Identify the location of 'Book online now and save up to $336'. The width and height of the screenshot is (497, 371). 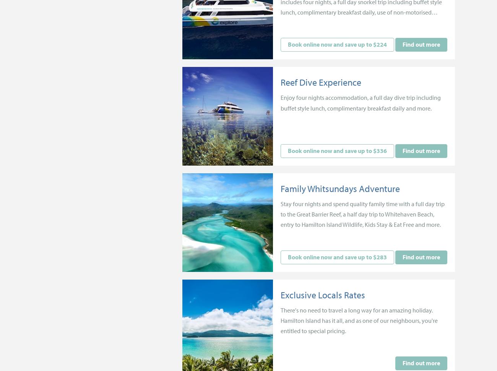
(336, 151).